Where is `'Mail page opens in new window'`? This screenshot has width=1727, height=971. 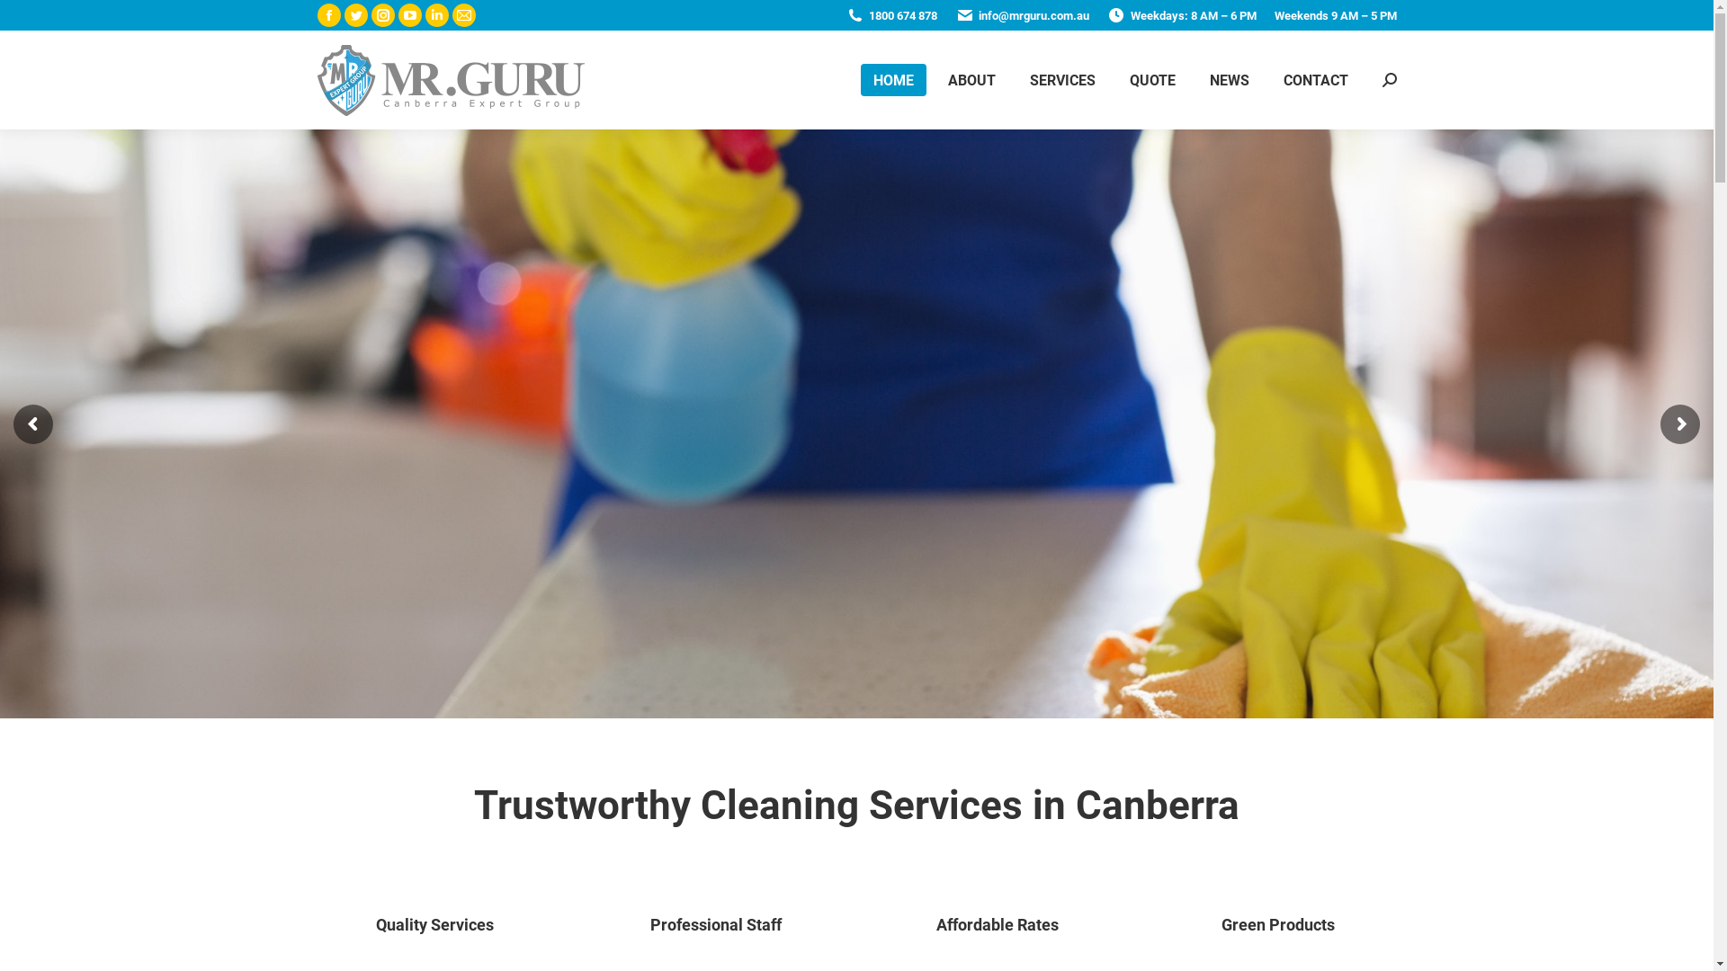 'Mail page opens in new window' is located at coordinates (452, 14).